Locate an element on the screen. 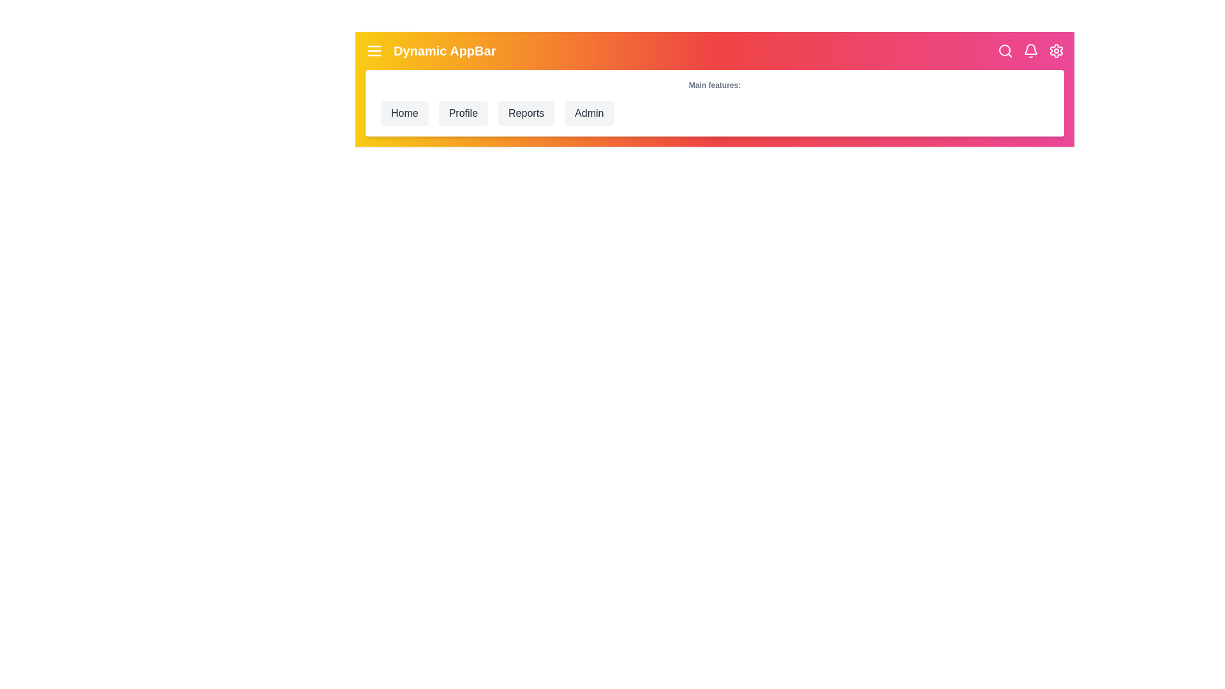 The image size is (1225, 689). the 'Search' icon to initiate the search functionality is located at coordinates (1004, 50).